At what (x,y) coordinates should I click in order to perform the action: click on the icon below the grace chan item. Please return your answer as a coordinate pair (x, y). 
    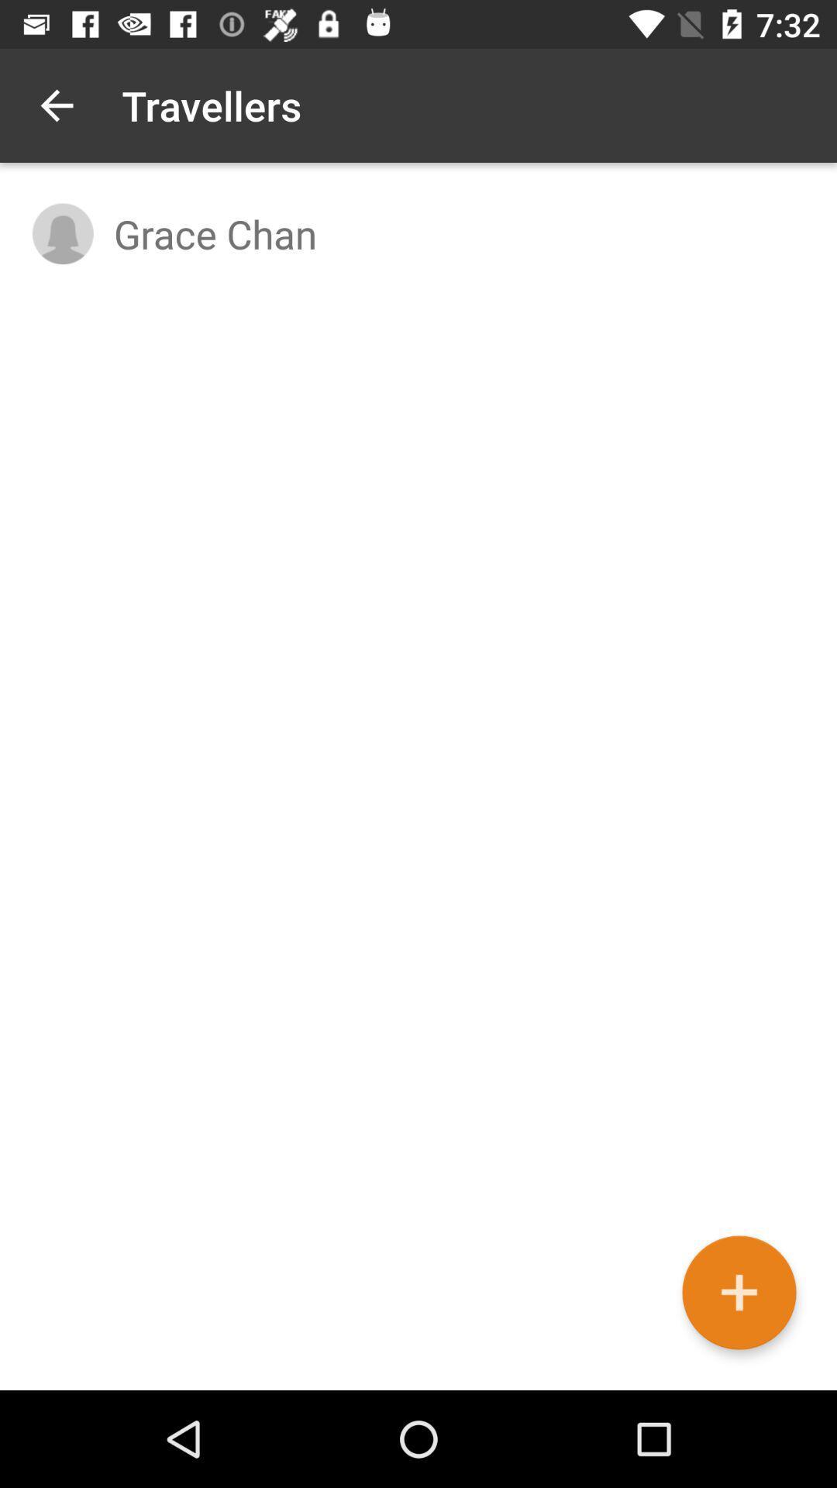
    Looking at the image, I should click on (738, 1293).